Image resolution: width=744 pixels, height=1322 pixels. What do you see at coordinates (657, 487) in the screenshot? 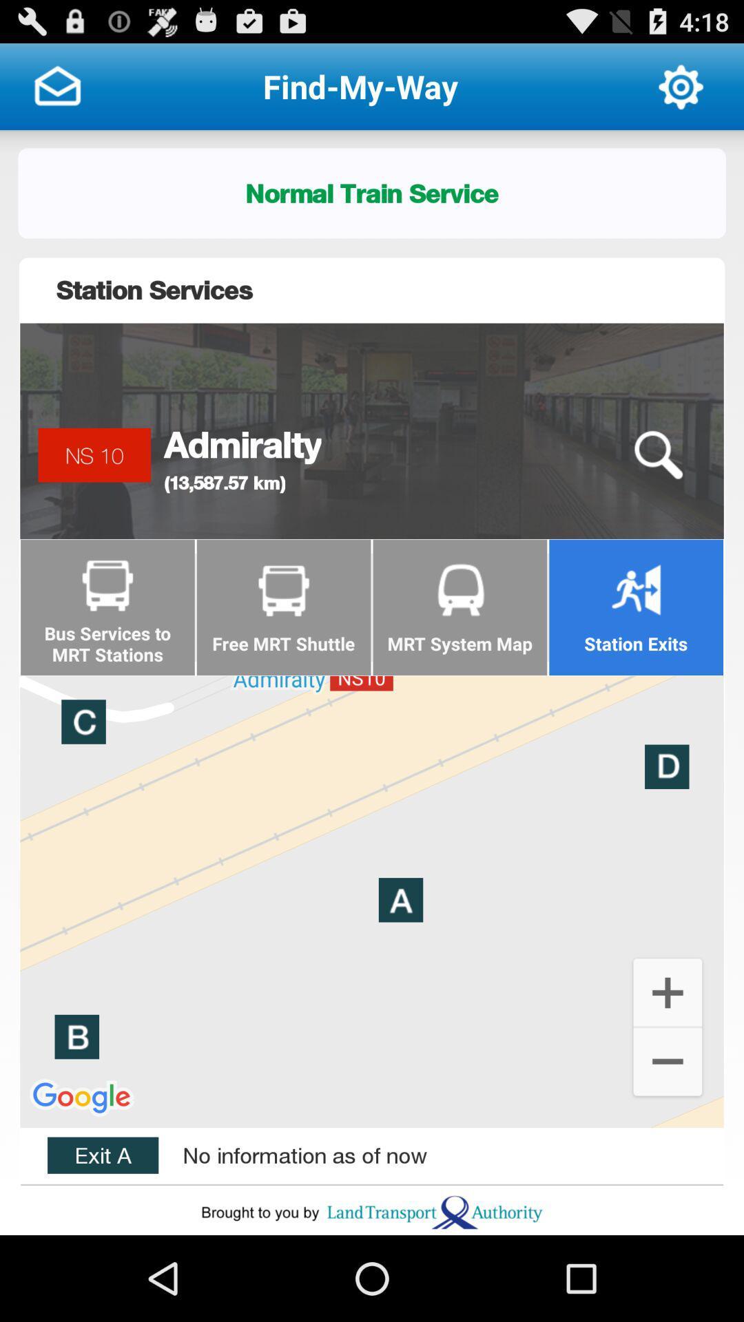
I see `the search icon` at bounding box center [657, 487].